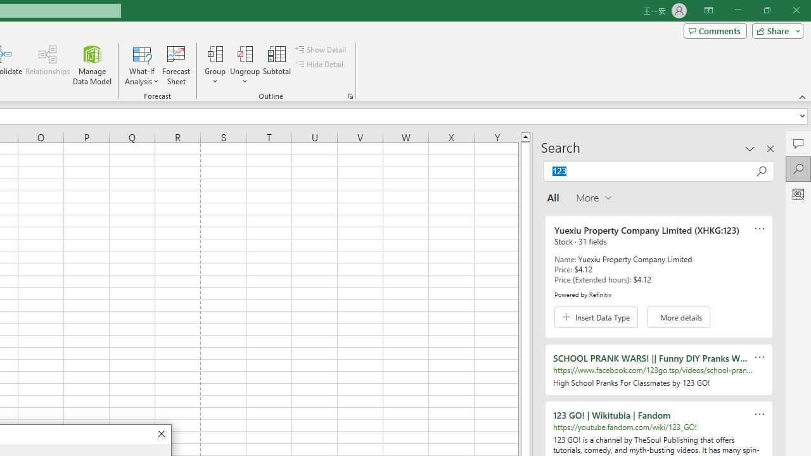  Describe the element at coordinates (774, 30) in the screenshot. I see `'Share'` at that location.